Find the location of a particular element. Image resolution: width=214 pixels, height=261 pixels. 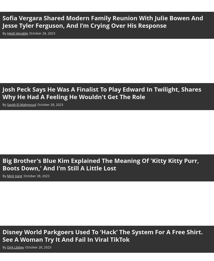

'Disney World Parkgoers Used To ‘Hack’ The System For A Free Shirt. See A Woman Try It And Fail In Viral TikTok' is located at coordinates (102, 235).